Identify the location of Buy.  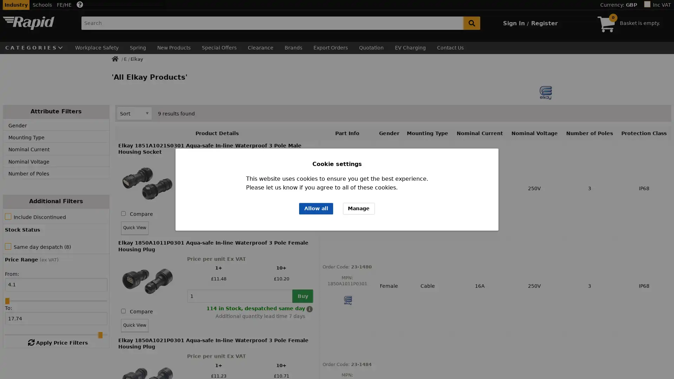
(303, 204).